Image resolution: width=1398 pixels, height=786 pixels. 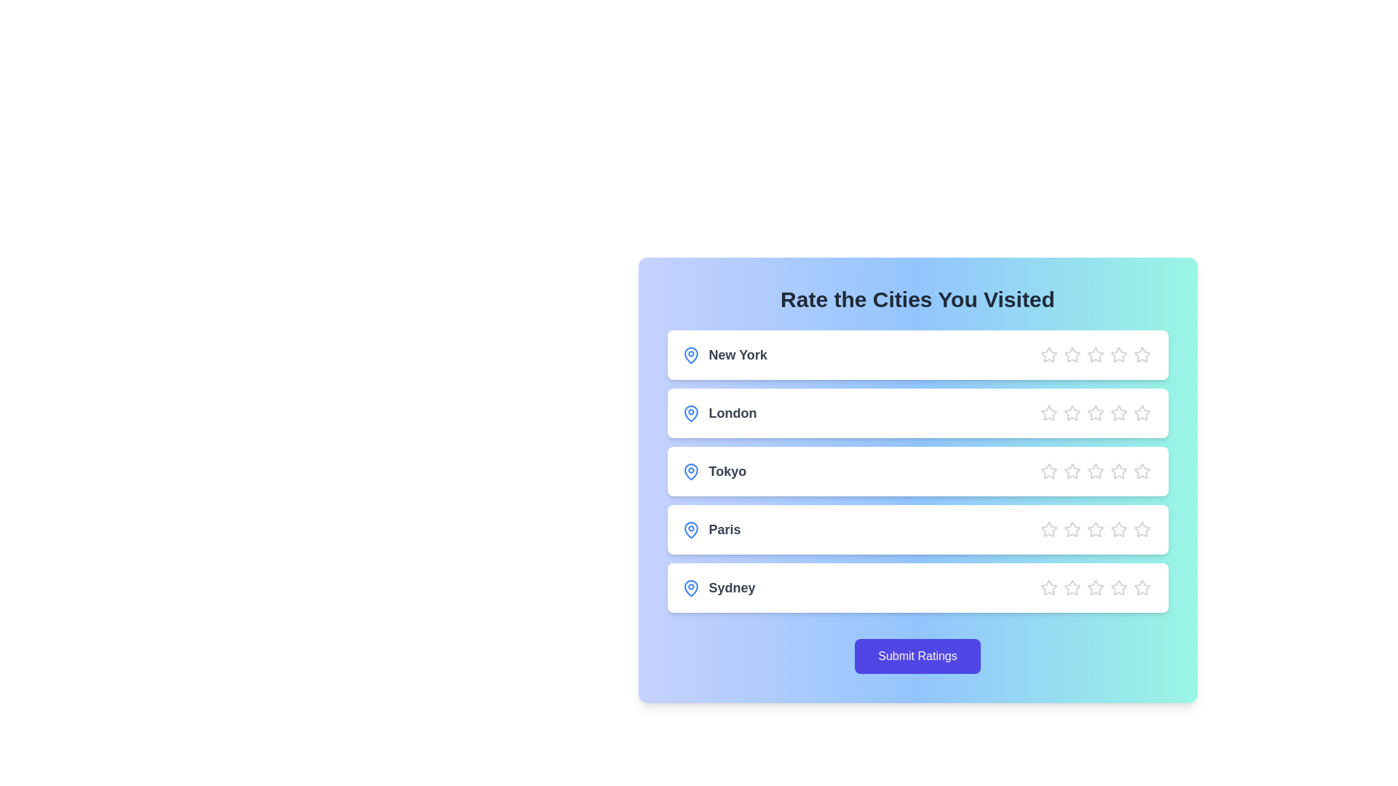 I want to click on the 'Submit Ratings' button to submit the ratings, so click(x=917, y=656).